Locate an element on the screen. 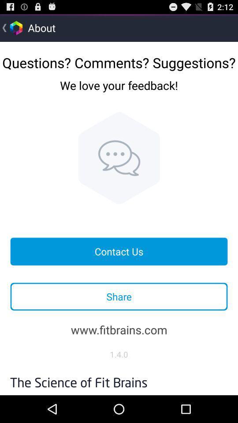  the app below questions? comments? suggestions? is located at coordinates (119, 92).